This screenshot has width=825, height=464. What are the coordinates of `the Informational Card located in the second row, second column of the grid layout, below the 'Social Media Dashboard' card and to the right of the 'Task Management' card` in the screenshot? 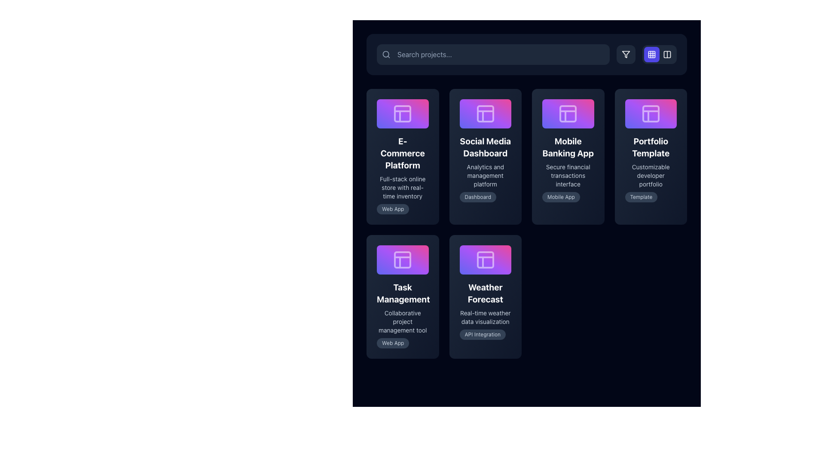 It's located at (485, 296).